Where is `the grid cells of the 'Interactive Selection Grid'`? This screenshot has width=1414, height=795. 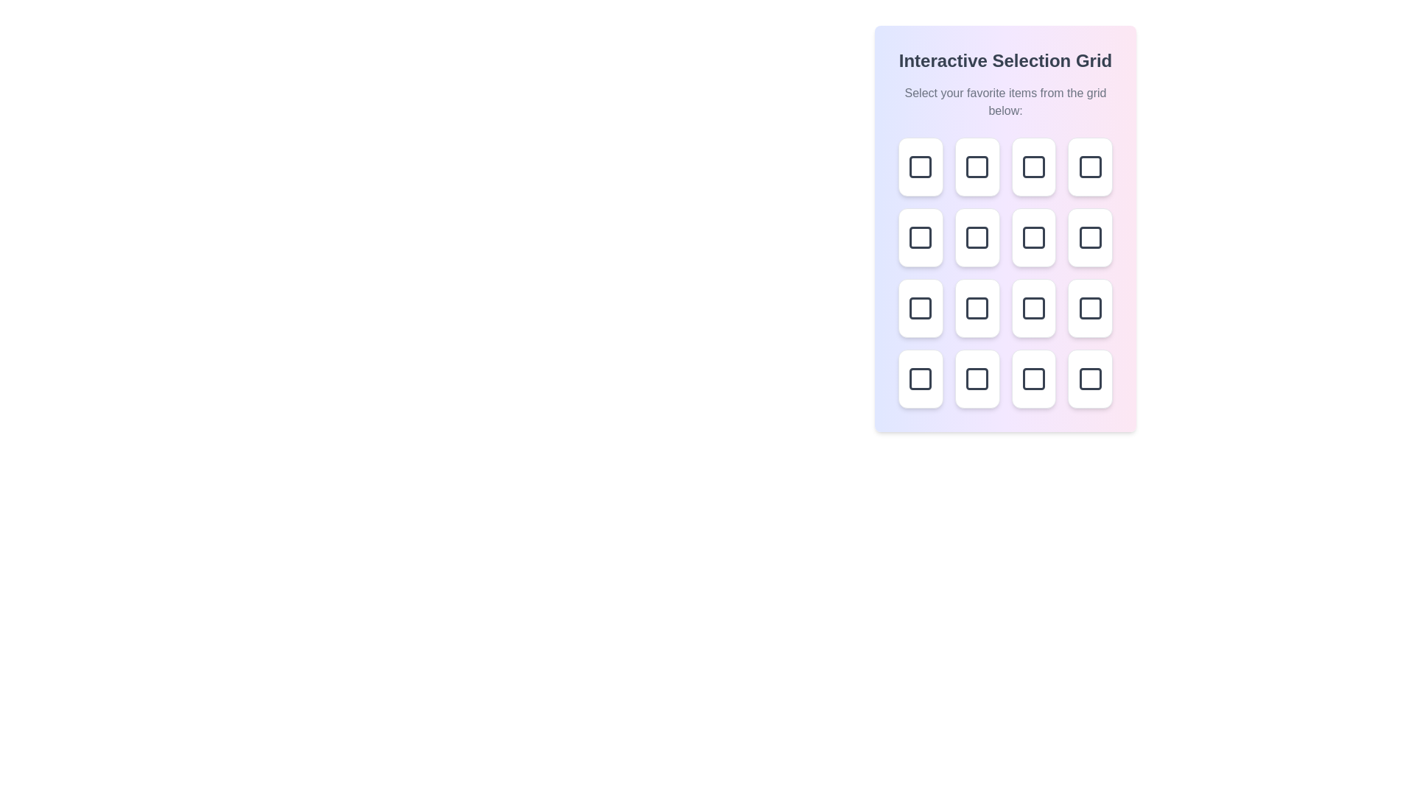
the grid cells of the 'Interactive Selection Grid' is located at coordinates (1005, 272).